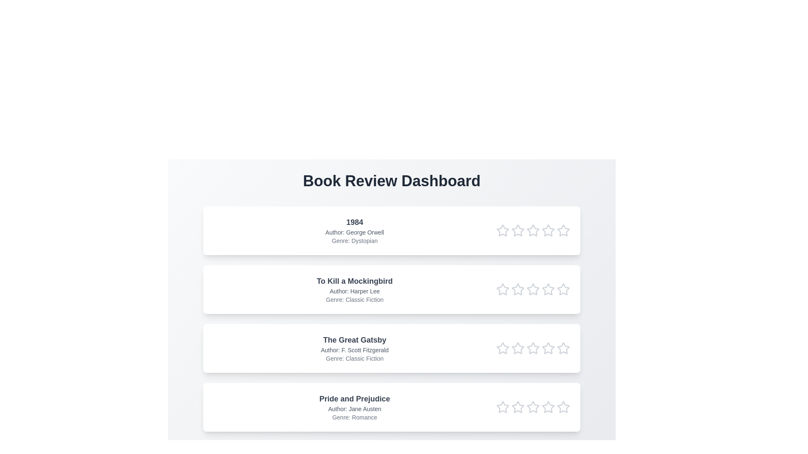 Image resolution: width=808 pixels, height=454 pixels. I want to click on the star corresponding to 2 in the rating row of the book titled Pride and Prejudice, so click(517, 406).